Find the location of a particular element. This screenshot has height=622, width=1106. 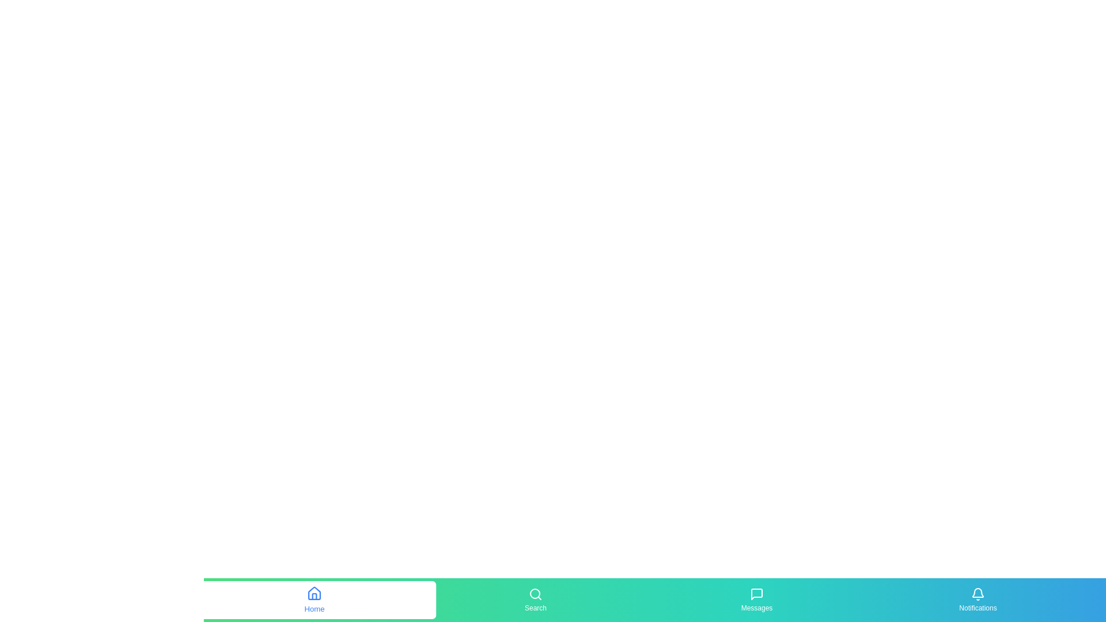

the Notifications button to observe its hover effect is located at coordinates (978, 599).